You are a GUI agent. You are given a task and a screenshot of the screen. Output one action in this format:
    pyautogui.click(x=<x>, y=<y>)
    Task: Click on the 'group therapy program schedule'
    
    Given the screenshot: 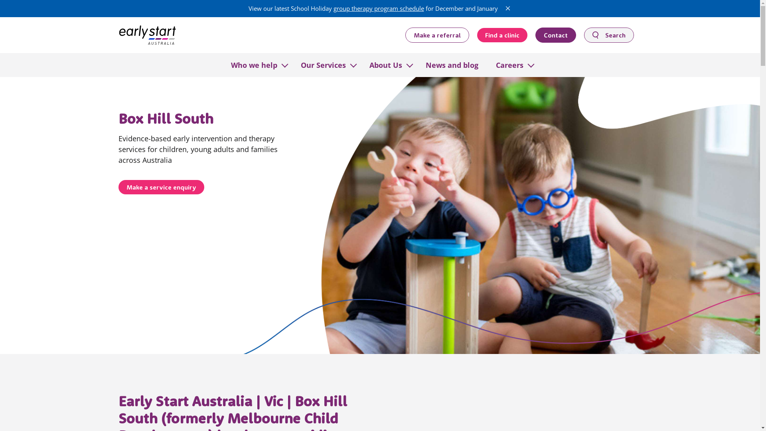 What is the action you would take?
    pyautogui.click(x=333, y=8)
    